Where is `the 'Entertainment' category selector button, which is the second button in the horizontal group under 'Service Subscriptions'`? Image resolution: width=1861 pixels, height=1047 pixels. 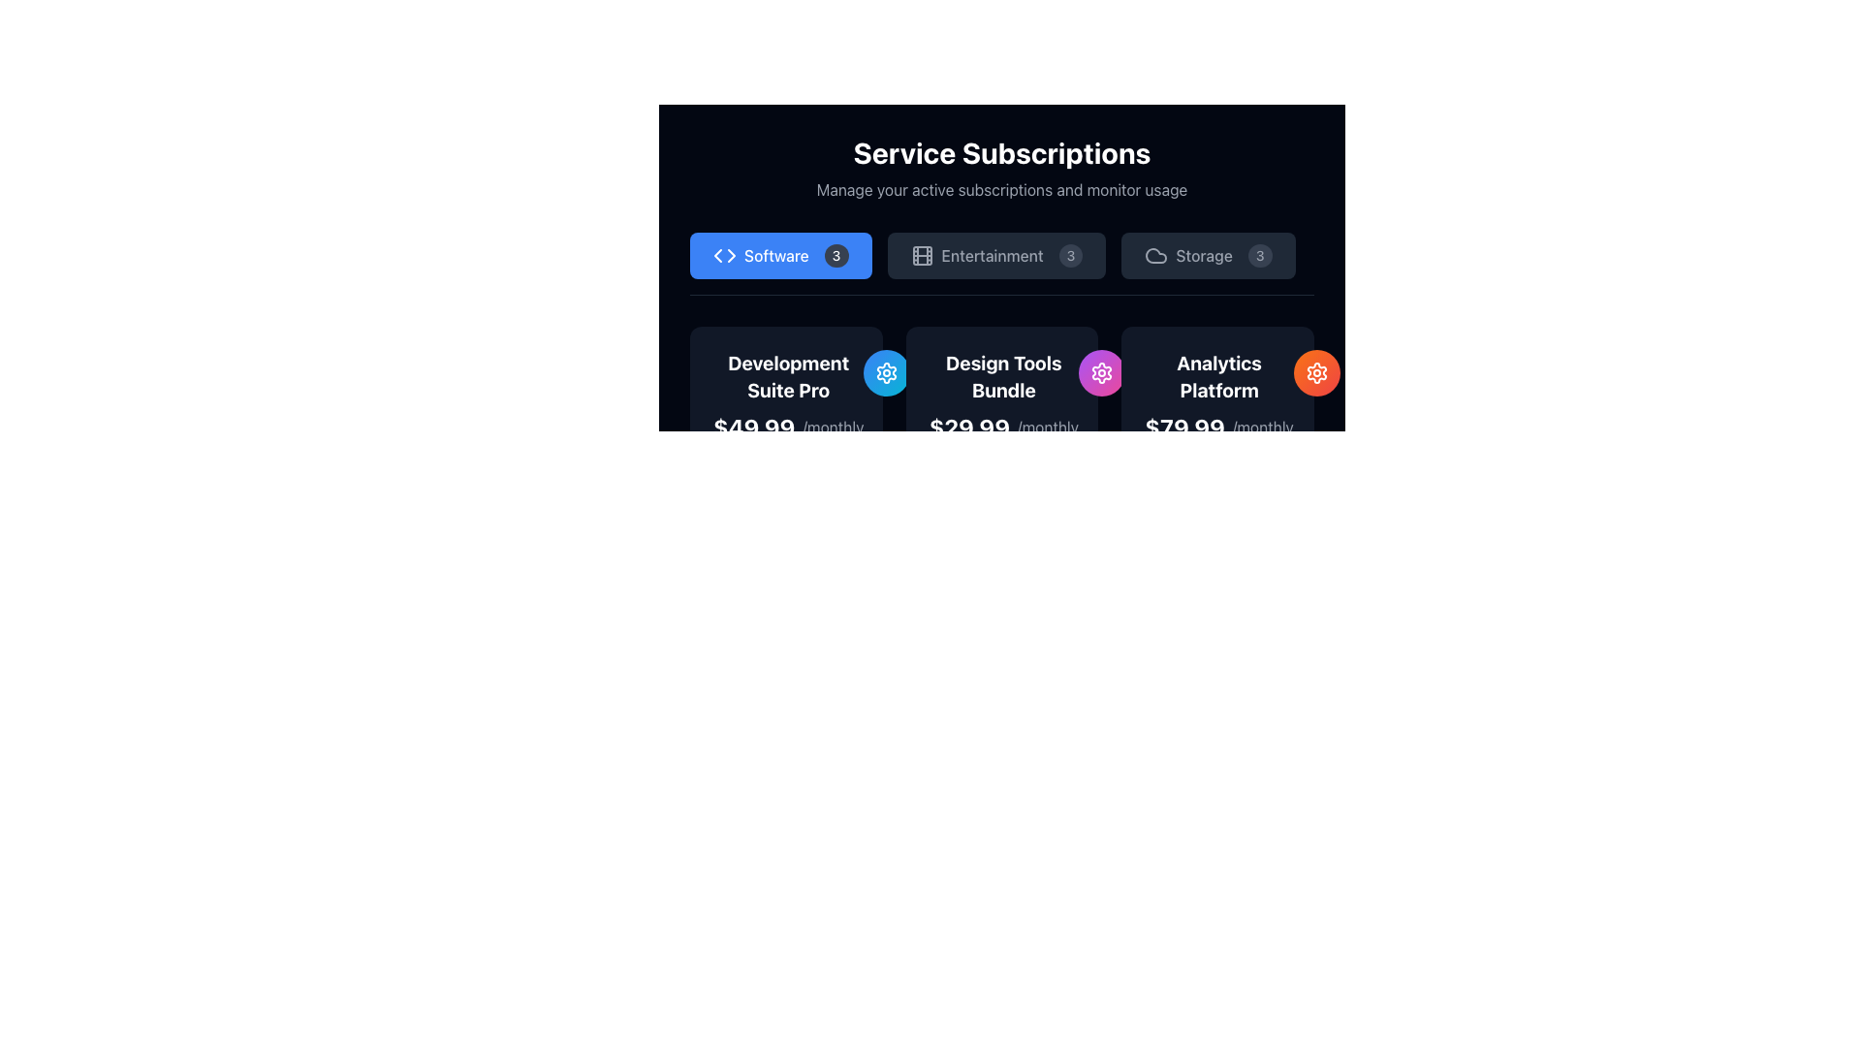 the 'Entertainment' category selector button, which is the second button in the horizontal group under 'Service Subscriptions' is located at coordinates (996, 254).